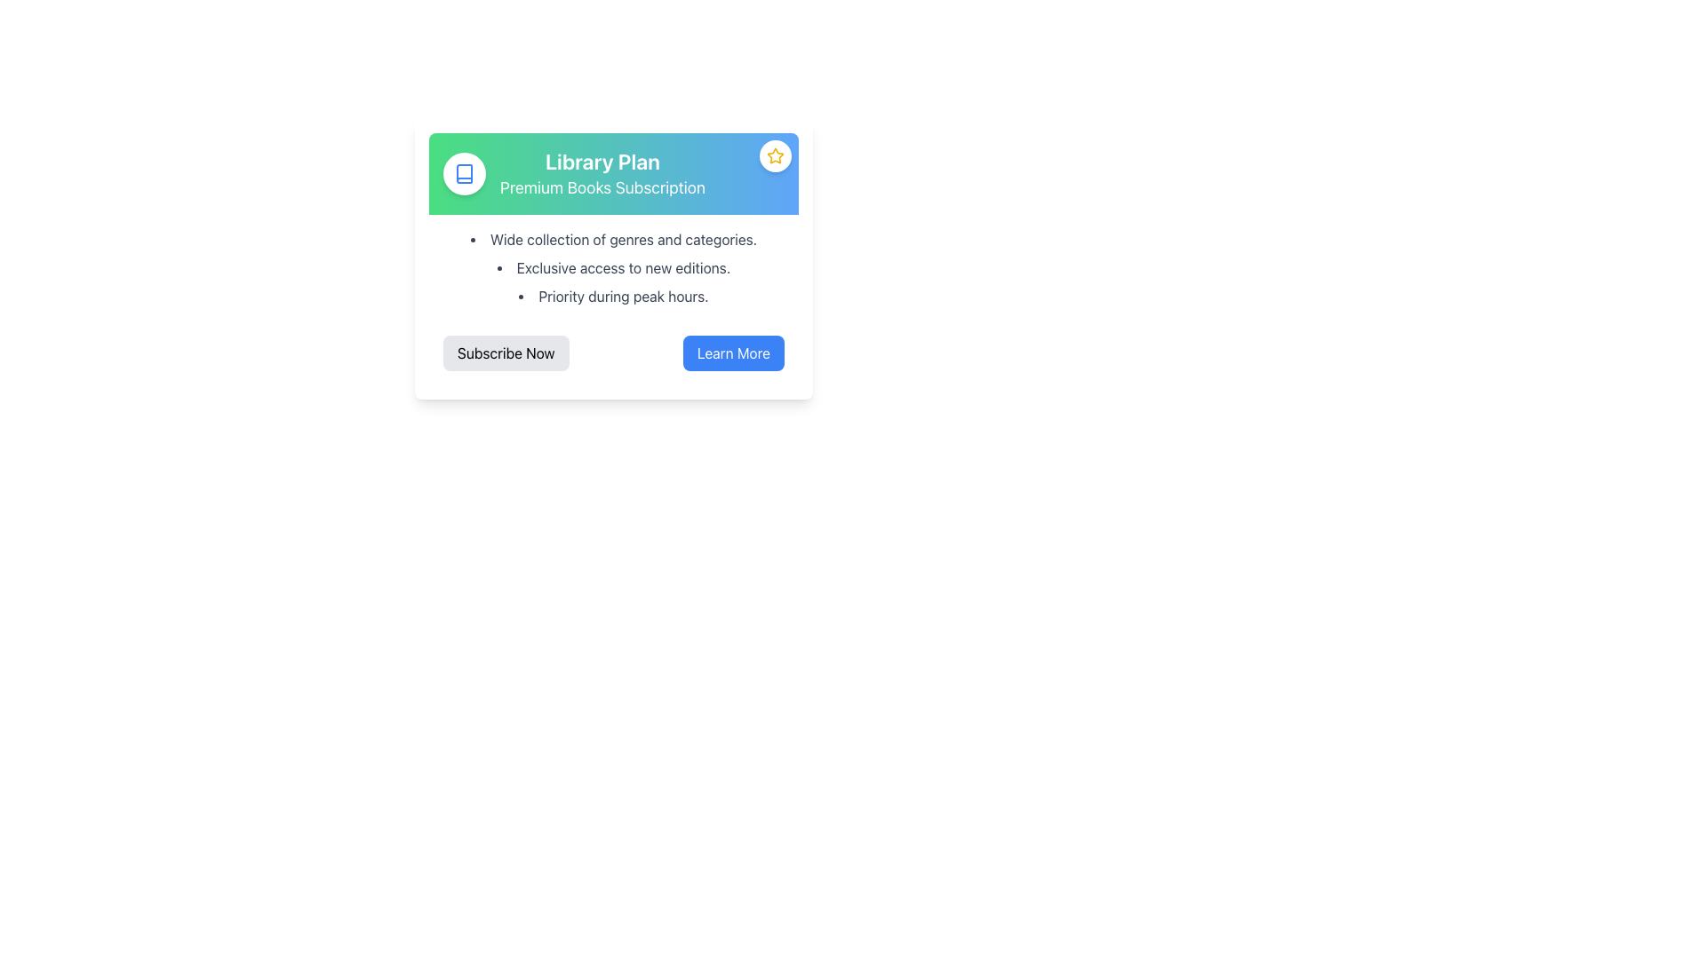 The width and height of the screenshot is (1706, 959). What do you see at coordinates (776, 155) in the screenshot?
I see `the star icon located in the upper-right corner of the card layout, which serves as an interactive indicator or decorative element` at bounding box center [776, 155].